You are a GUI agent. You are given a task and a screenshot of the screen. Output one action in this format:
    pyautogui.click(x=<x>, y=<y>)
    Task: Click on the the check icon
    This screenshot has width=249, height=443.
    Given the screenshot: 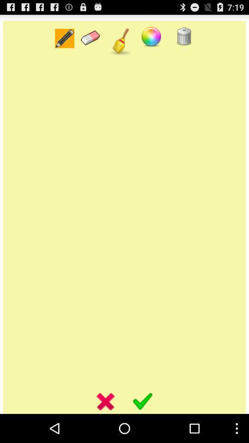 What is the action you would take?
    pyautogui.click(x=142, y=429)
    